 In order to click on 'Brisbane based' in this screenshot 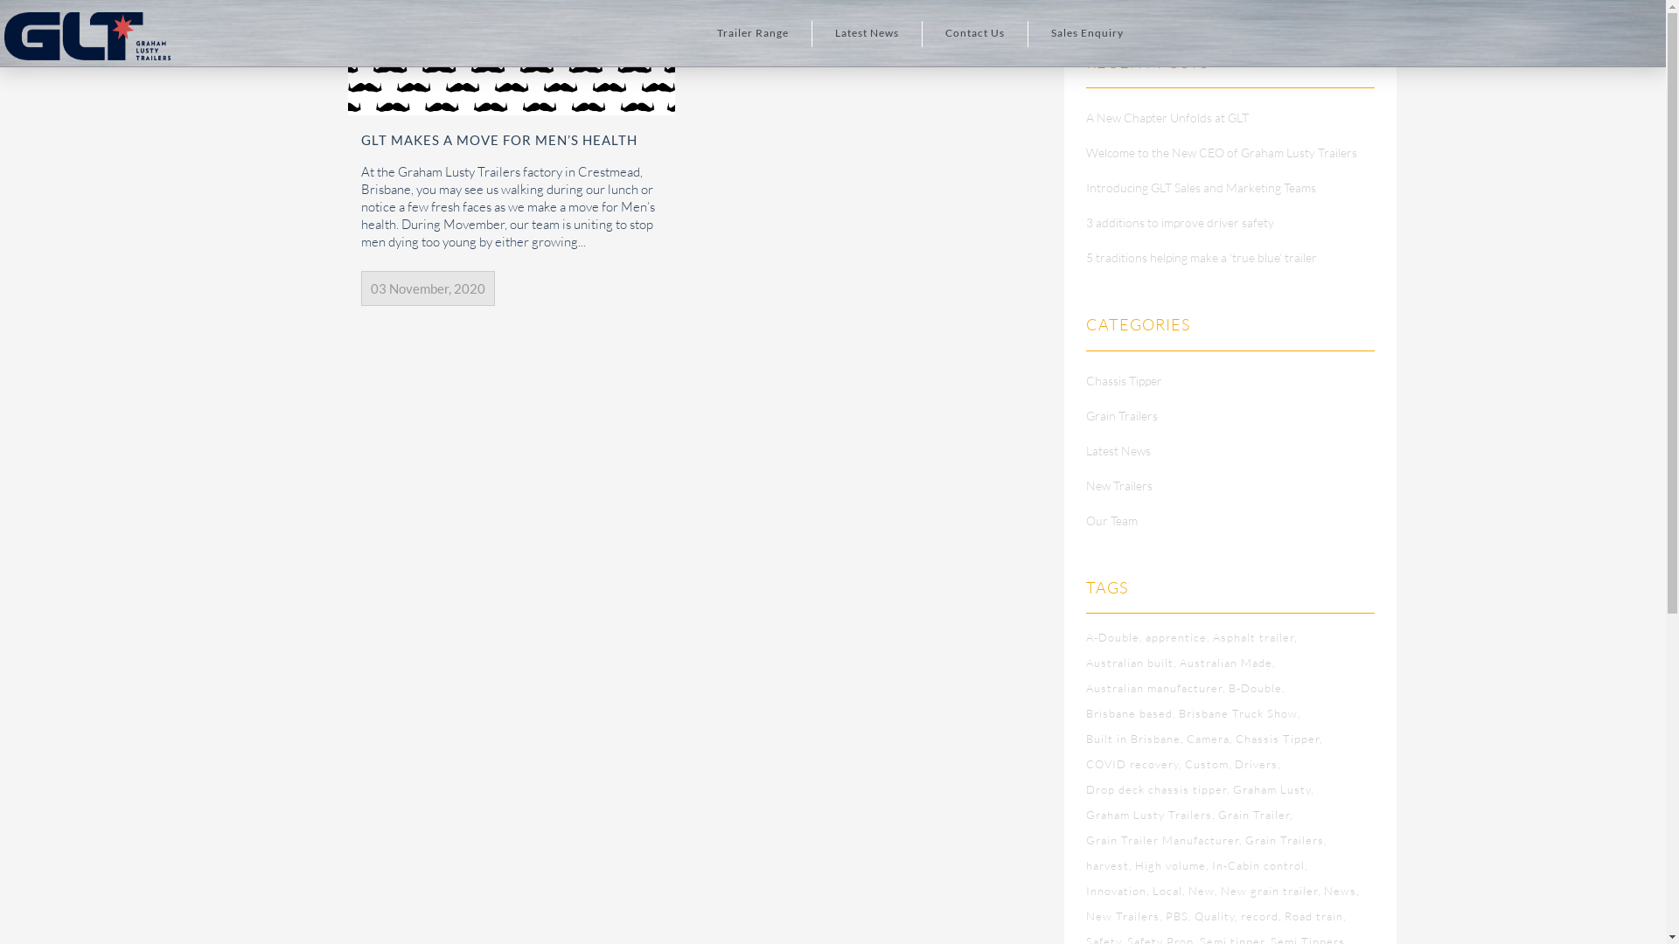, I will do `click(1131, 713)`.